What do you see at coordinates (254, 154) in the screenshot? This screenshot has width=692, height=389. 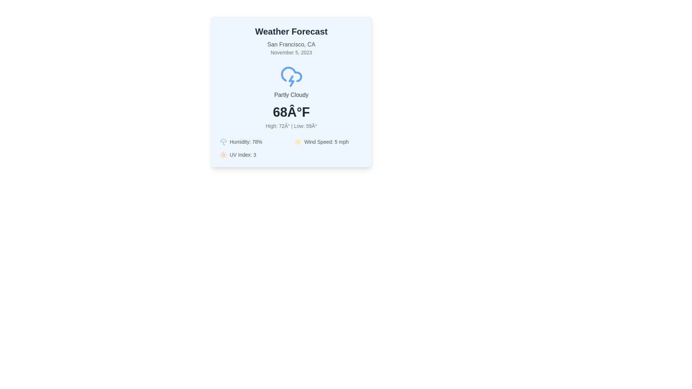 I see `the label displaying 'UV Index: 3' with a sun icon in the weather-related card UI located at the bottom-left section, following 'Humidity: 78%' and 'Wind Speed: 5 mph'` at bounding box center [254, 154].